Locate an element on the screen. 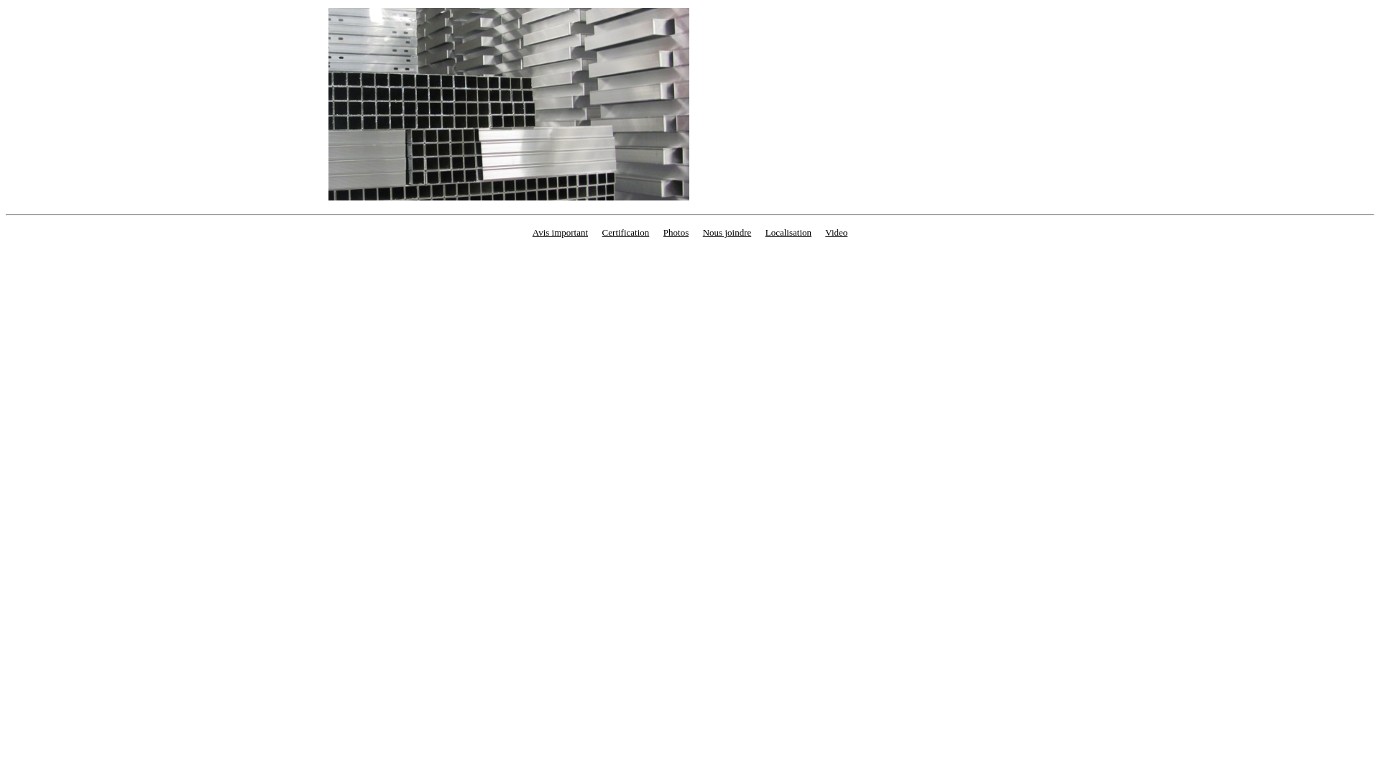  'Avis important' is located at coordinates (559, 231).